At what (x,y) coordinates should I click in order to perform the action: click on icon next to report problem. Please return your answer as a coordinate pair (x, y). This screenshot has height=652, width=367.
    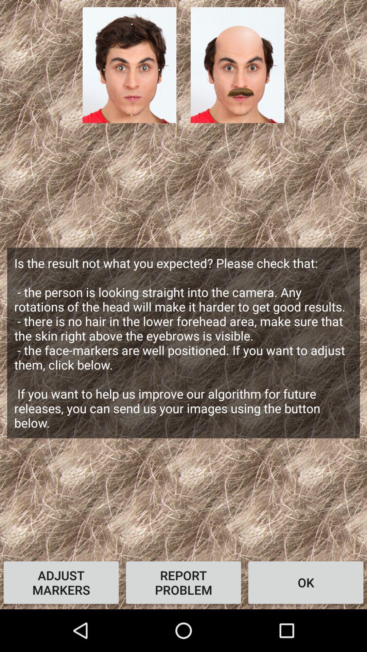
    Looking at the image, I should click on (305, 582).